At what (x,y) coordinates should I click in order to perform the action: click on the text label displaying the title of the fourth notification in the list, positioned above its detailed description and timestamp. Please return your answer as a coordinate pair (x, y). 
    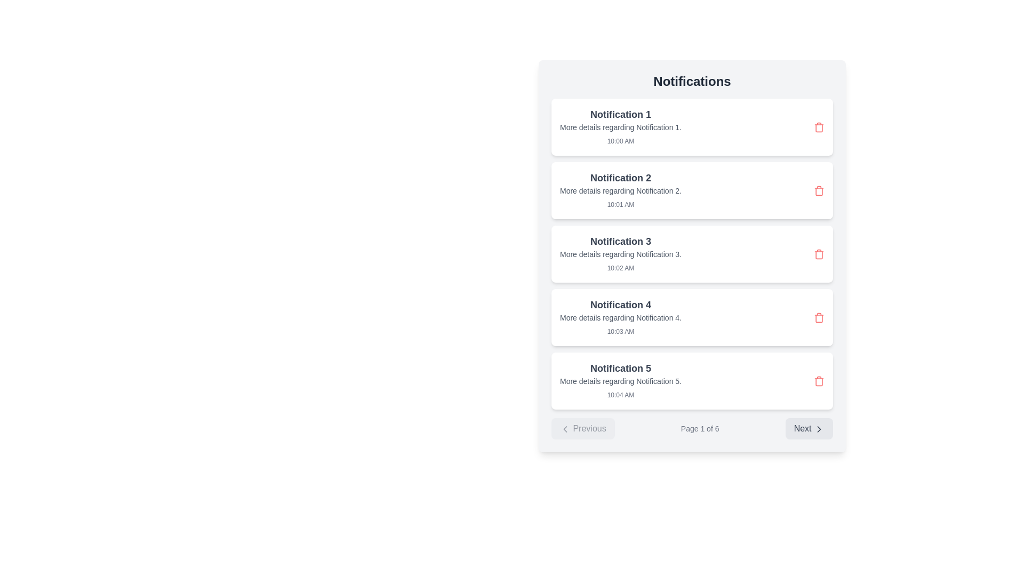
    Looking at the image, I should click on (621, 305).